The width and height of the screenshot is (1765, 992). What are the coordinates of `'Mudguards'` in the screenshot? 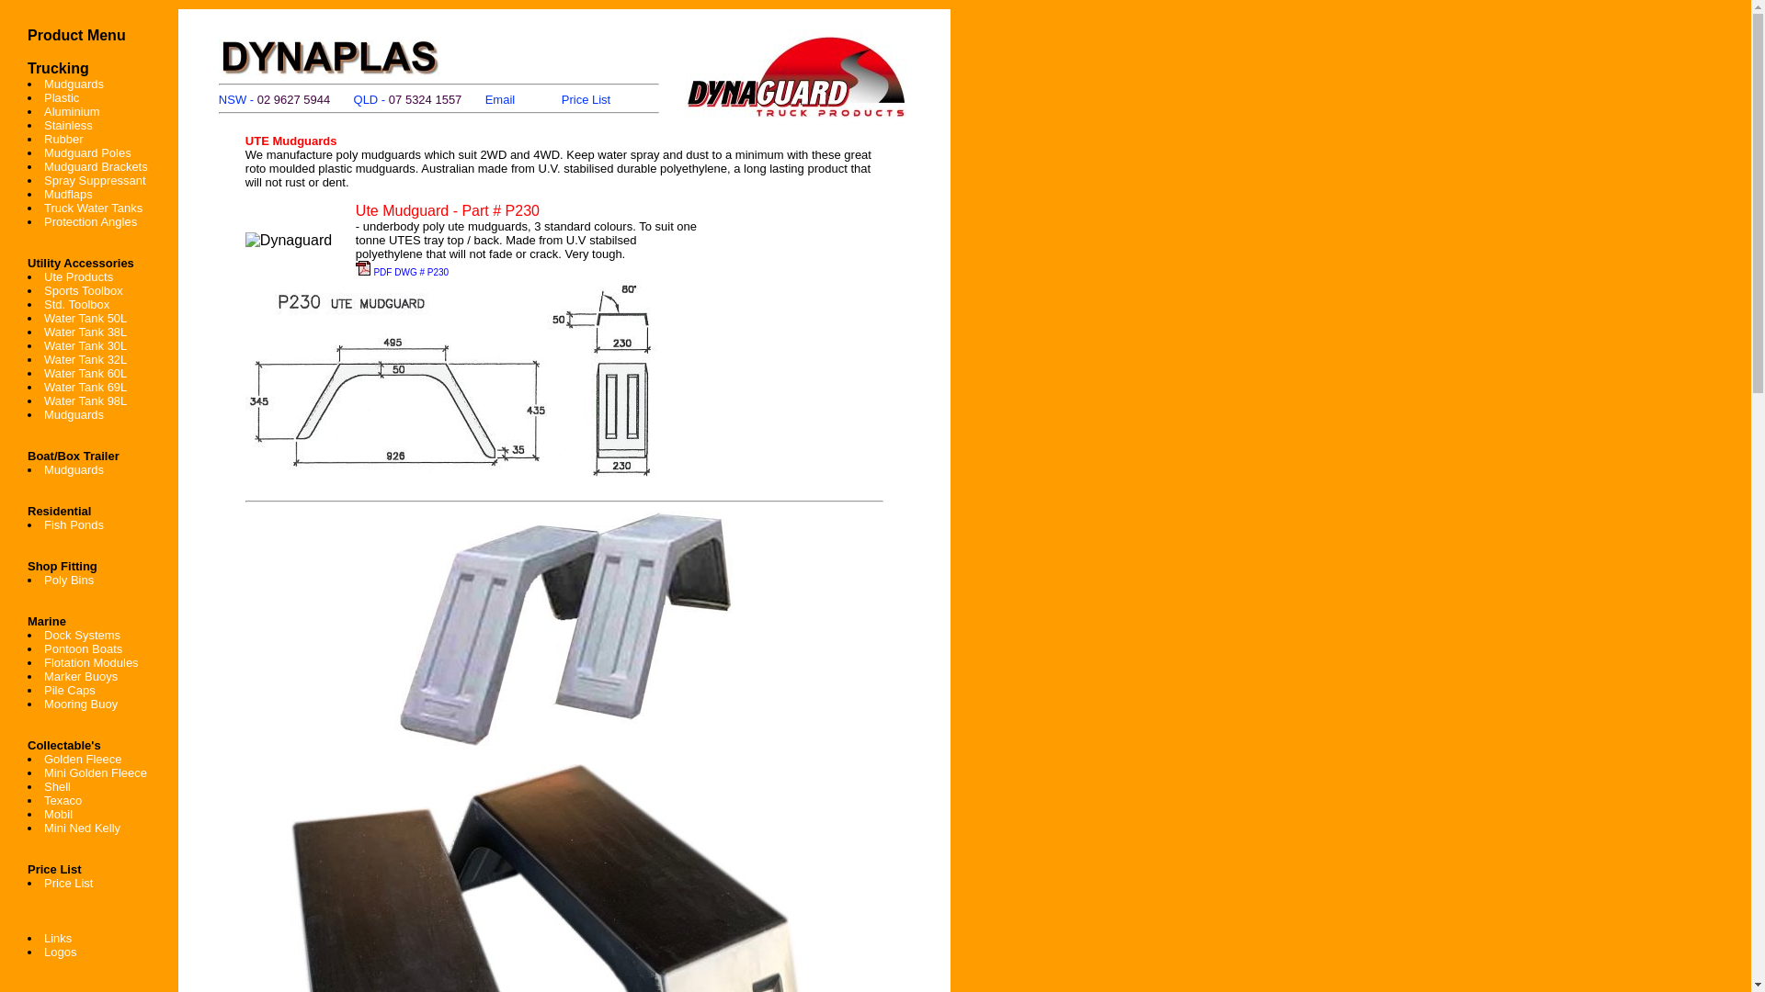 It's located at (74, 84).